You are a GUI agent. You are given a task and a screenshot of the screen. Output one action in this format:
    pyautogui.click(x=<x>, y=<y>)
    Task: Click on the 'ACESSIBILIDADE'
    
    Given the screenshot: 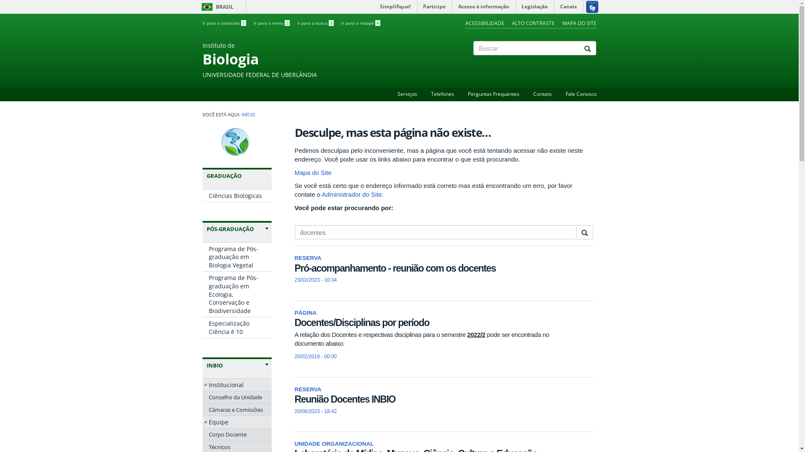 What is the action you would take?
    pyautogui.click(x=485, y=23)
    